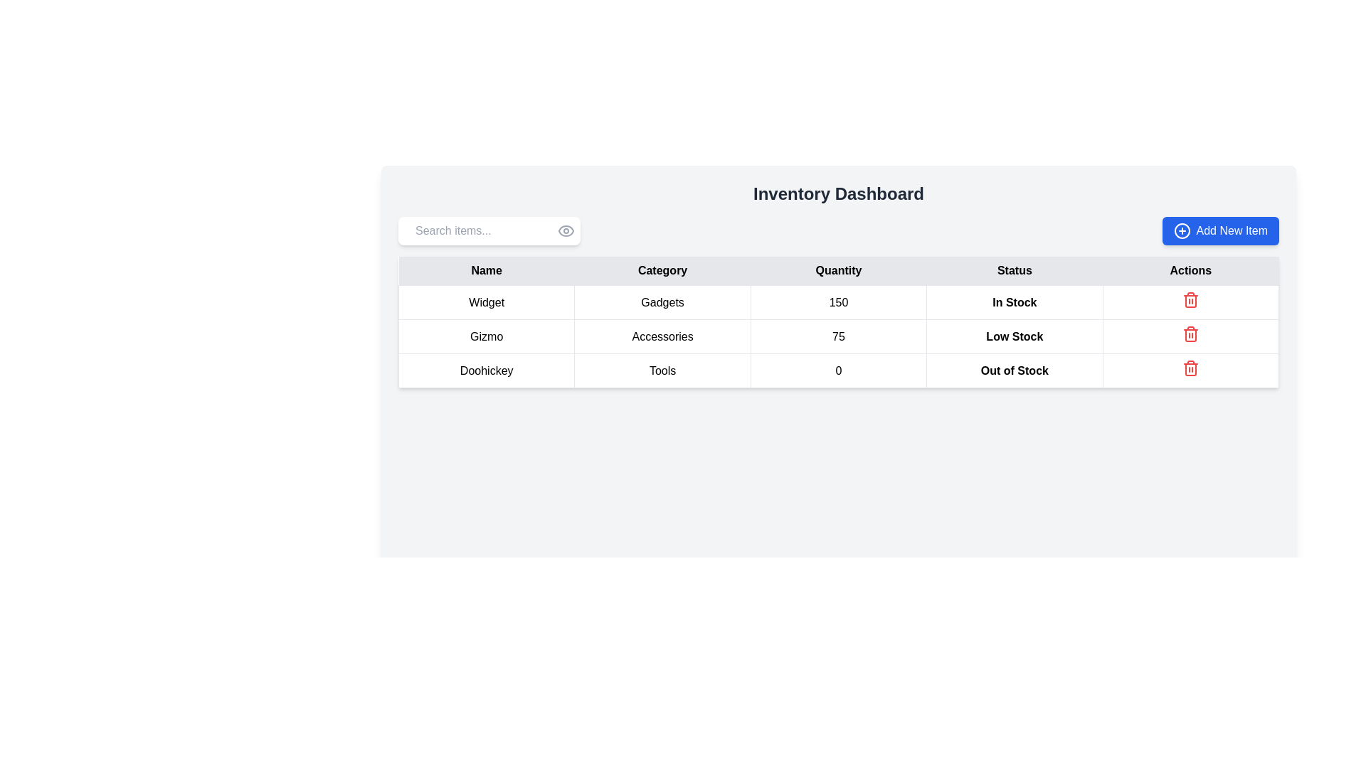  Describe the element at coordinates (487, 271) in the screenshot. I see `the header label for the first column of the data table that defines the category of data as names of items` at that location.